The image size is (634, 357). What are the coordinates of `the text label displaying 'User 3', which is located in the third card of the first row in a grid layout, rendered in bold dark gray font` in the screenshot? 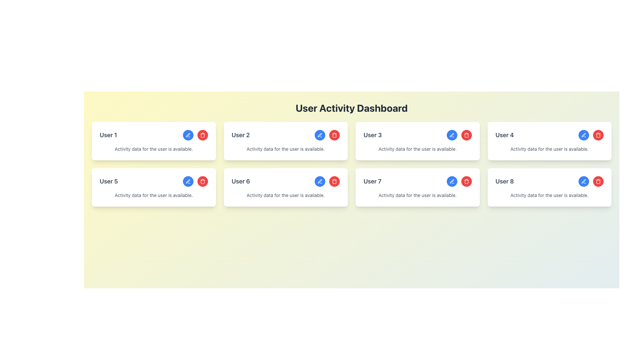 It's located at (372, 135).